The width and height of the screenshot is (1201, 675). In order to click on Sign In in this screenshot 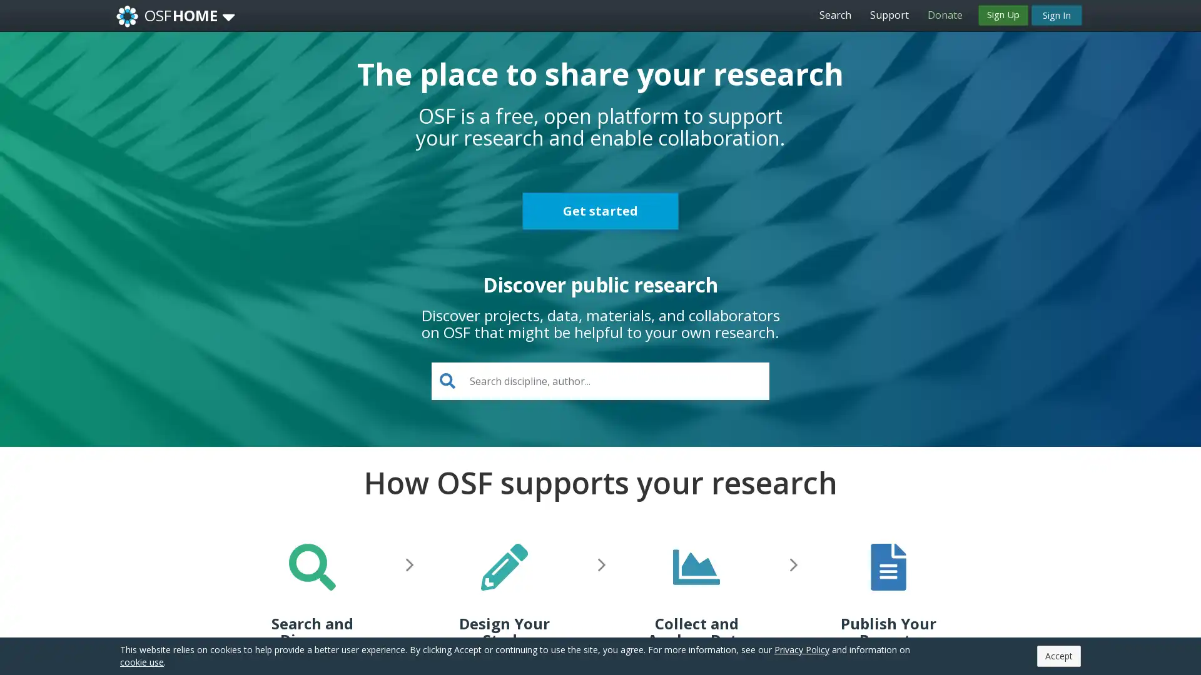, I will do `click(1056, 14)`.